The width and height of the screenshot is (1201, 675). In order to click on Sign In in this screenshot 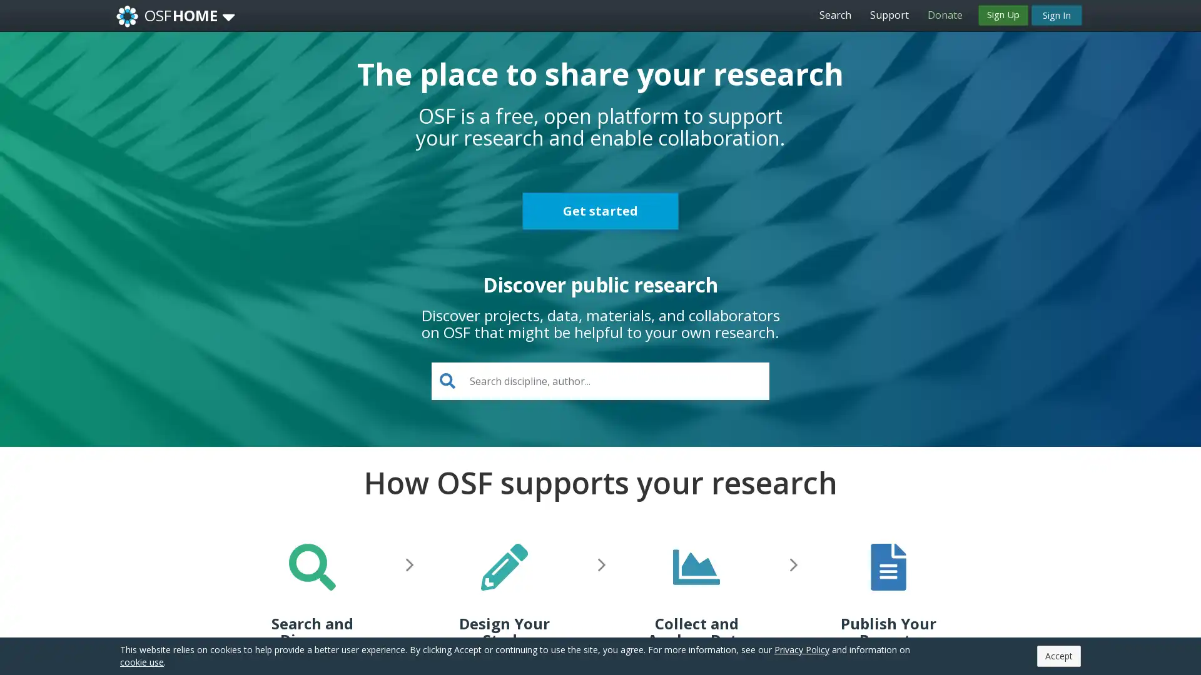, I will do `click(1056, 14)`.